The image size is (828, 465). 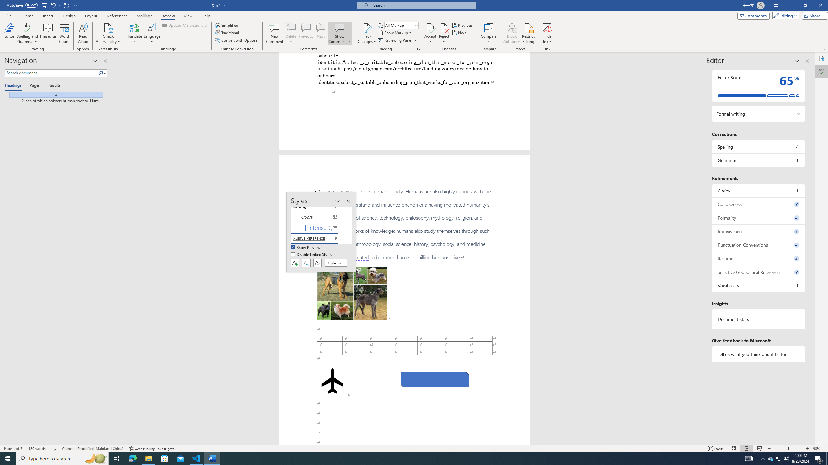 What do you see at coordinates (758, 218) in the screenshot?
I see `'Formality, 0 issues. Press space or enter to review items.'` at bounding box center [758, 218].